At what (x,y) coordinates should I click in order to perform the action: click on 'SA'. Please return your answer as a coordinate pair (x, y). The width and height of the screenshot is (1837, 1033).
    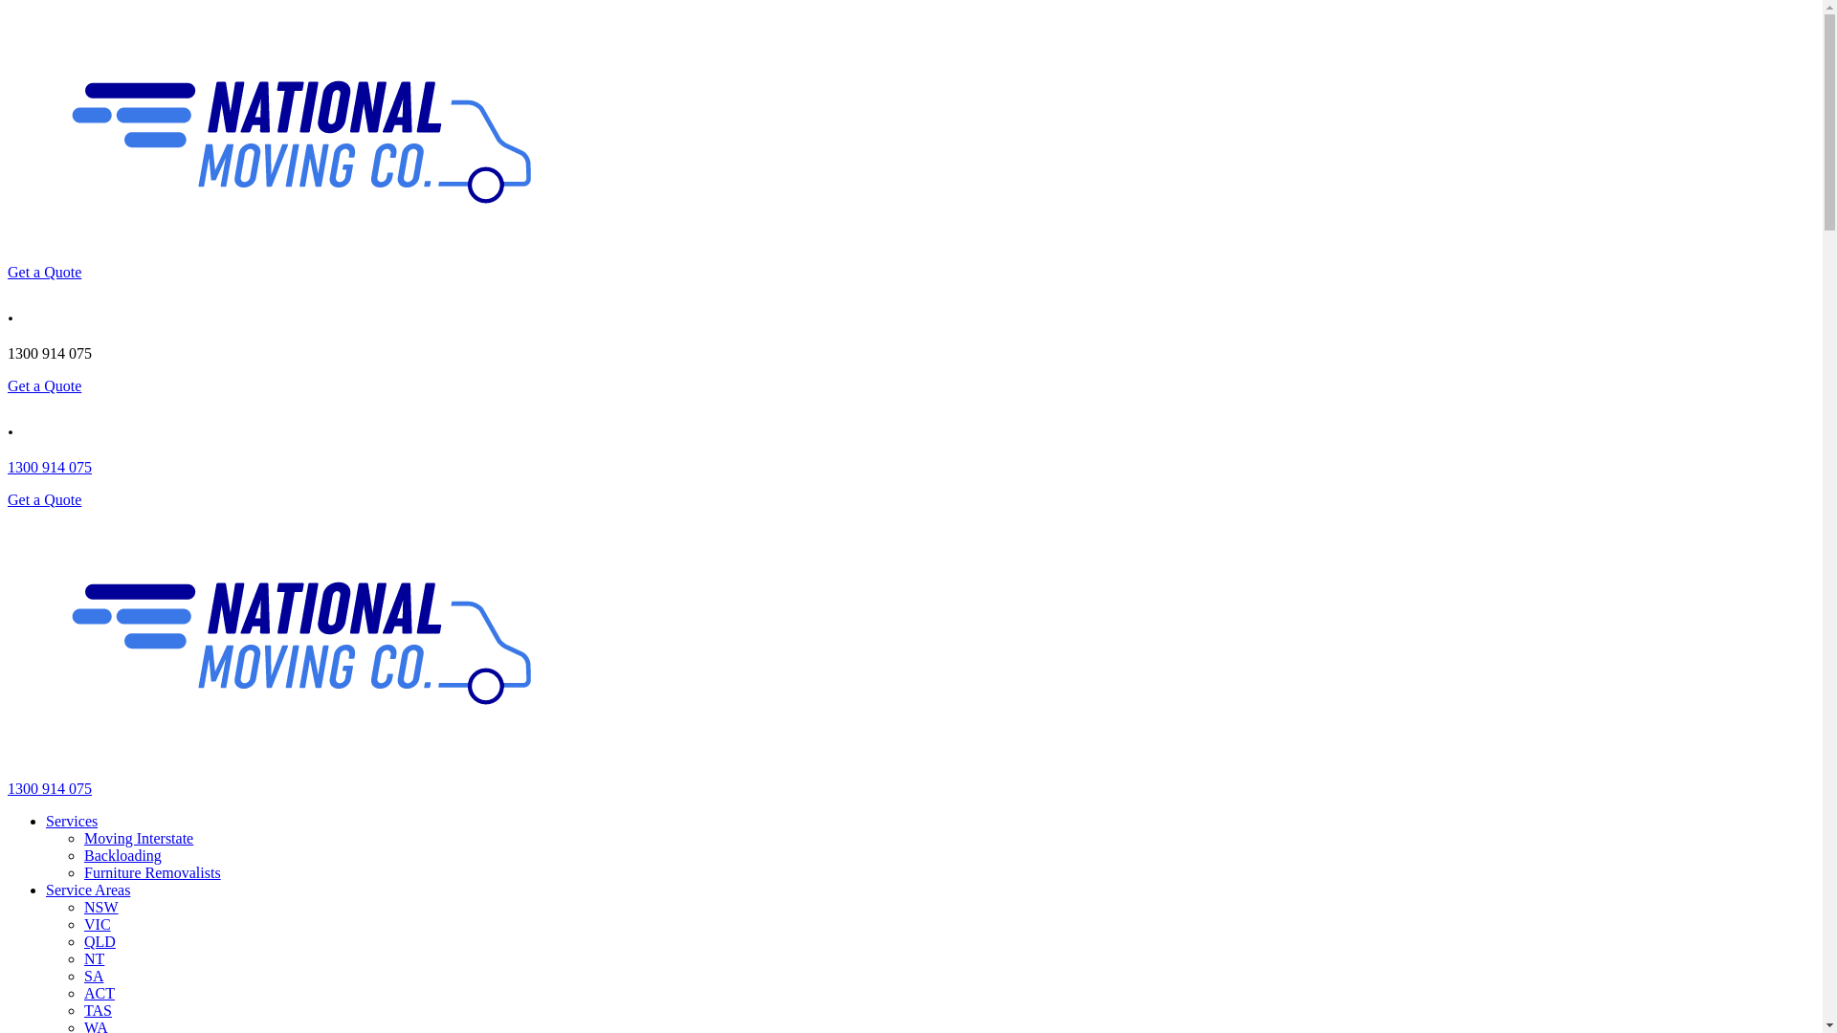
    Looking at the image, I should click on (92, 976).